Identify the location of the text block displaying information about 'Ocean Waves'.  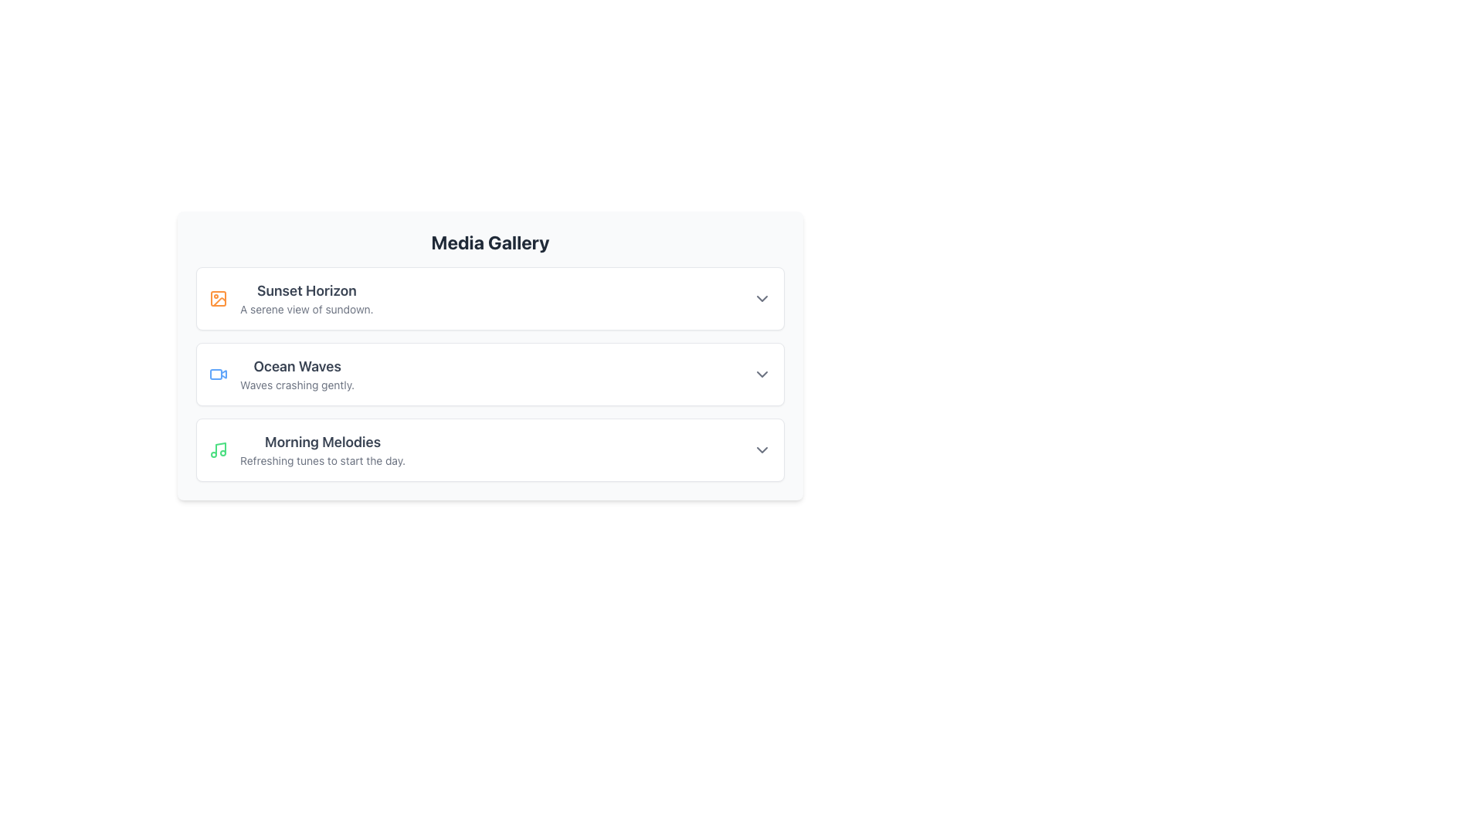
(297, 375).